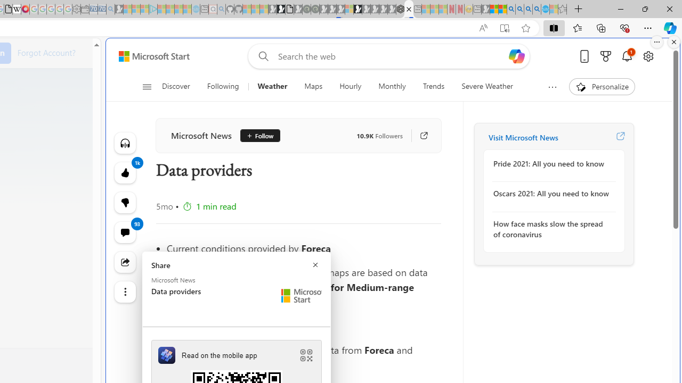 The width and height of the screenshot is (682, 383). I want to click on 'Open navigation menu', so click(146, 86).